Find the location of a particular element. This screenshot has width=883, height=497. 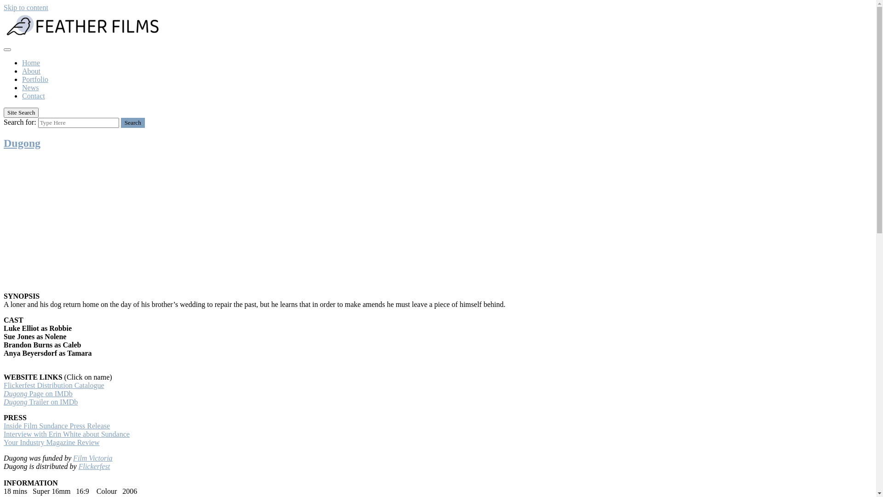

'Dugong - TRAILER' is located at coordinates (132, 220).